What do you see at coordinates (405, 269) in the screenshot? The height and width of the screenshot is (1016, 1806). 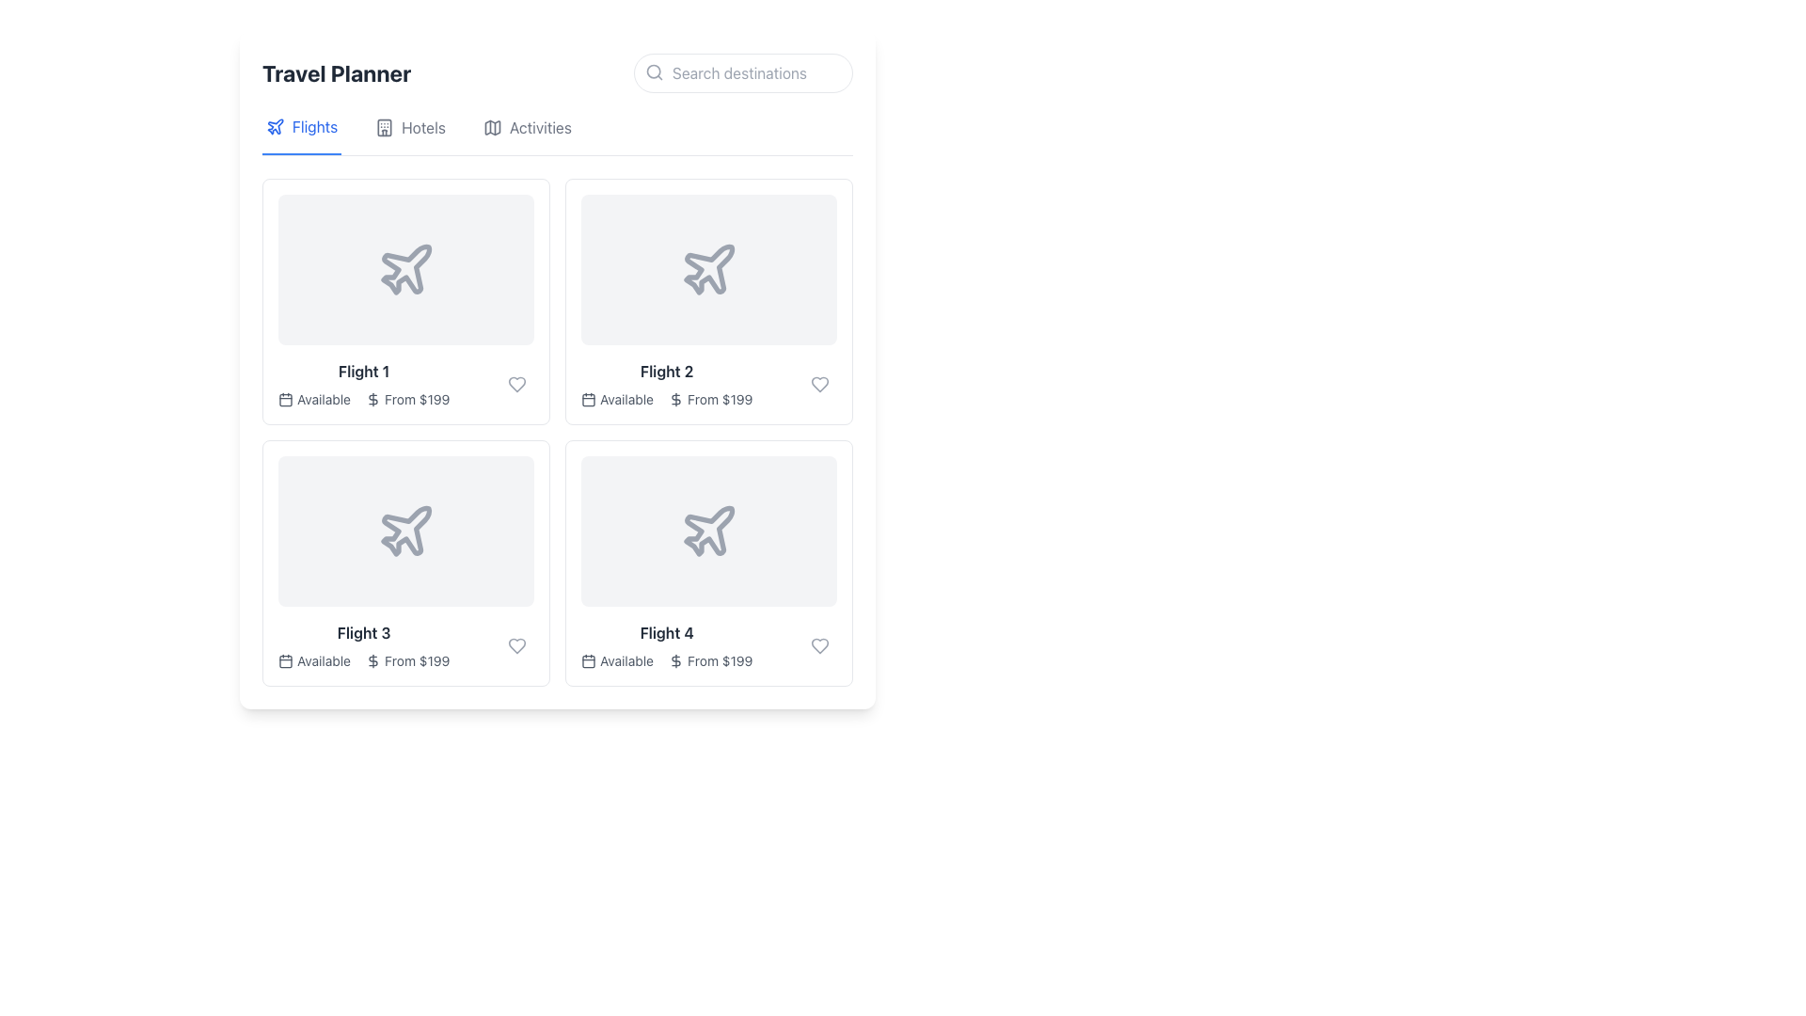 I see `first card in the 'Flights' section, which features a light gray background, rounded corners, and a centered airplane icon` at bounding box center [405, 269].